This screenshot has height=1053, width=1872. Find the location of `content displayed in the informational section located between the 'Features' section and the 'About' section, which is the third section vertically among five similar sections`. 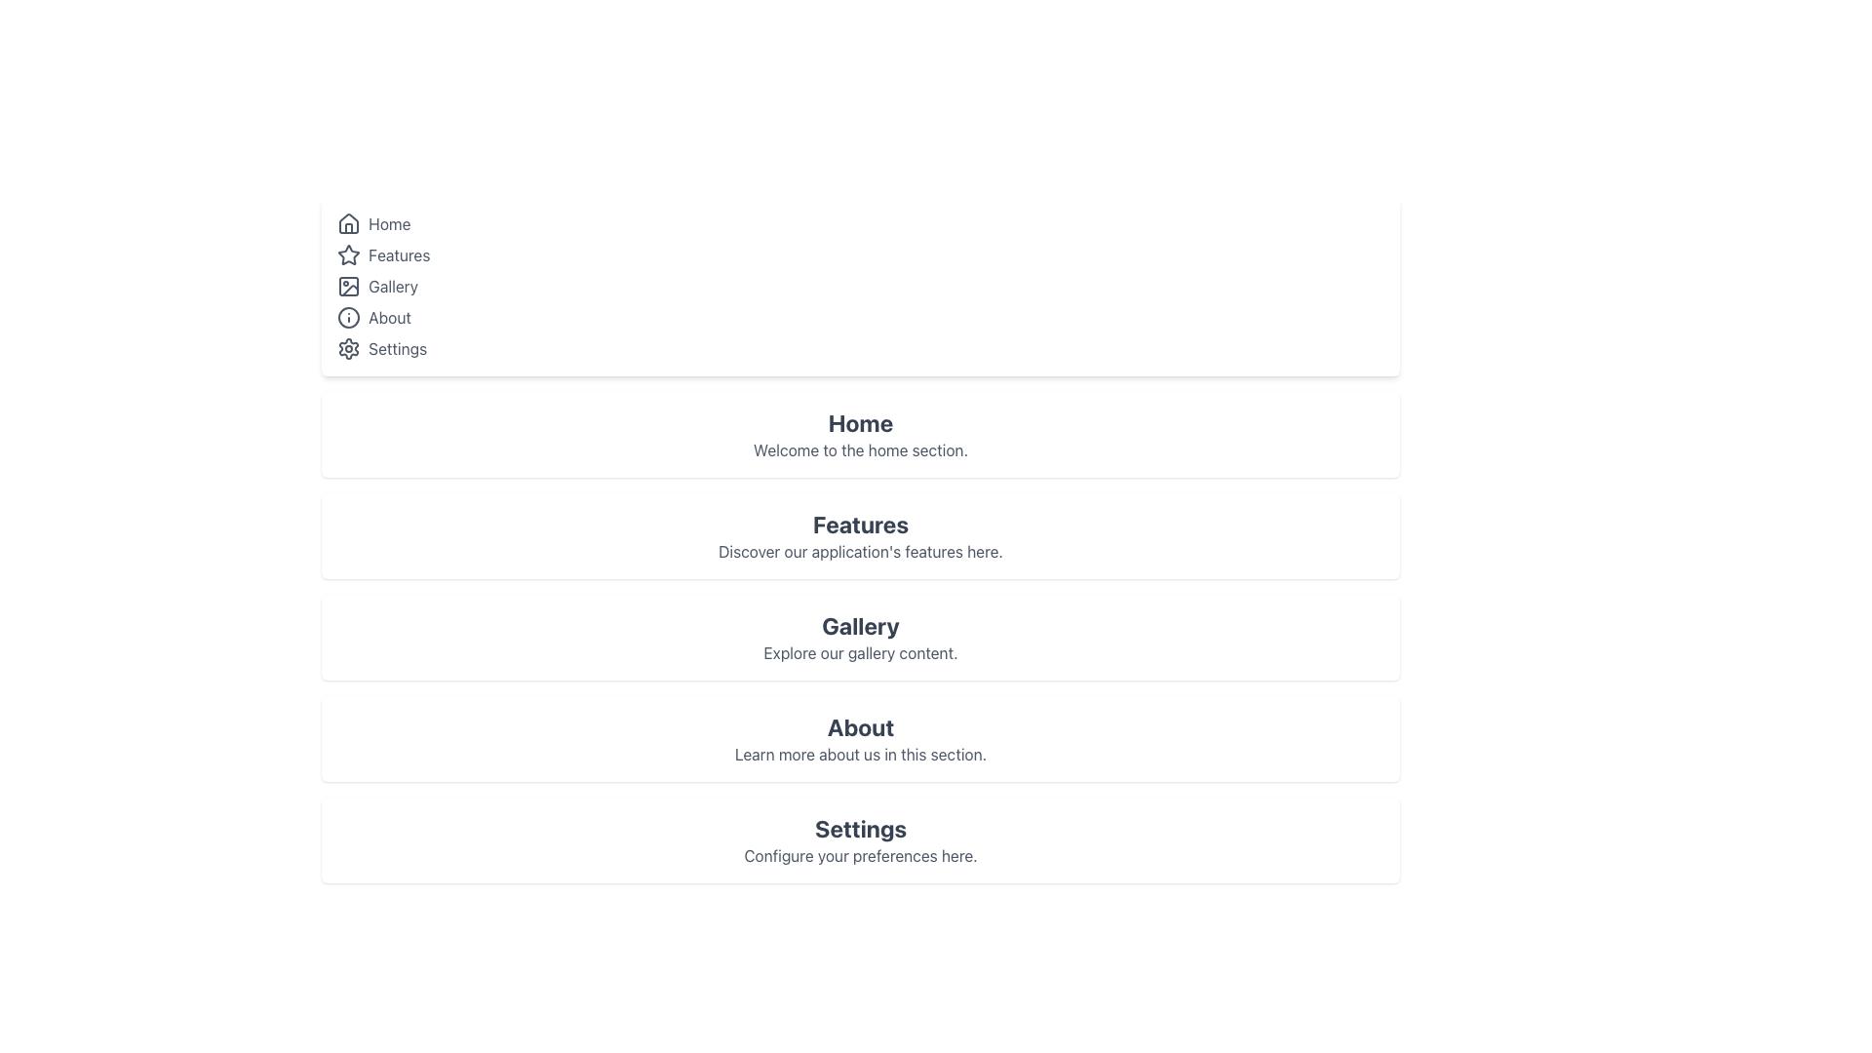

content displayed in the informational section located between the 'Features' section and the 'About' section, which is the third section vertically among five similar sections is located at coordinates (860, 638).